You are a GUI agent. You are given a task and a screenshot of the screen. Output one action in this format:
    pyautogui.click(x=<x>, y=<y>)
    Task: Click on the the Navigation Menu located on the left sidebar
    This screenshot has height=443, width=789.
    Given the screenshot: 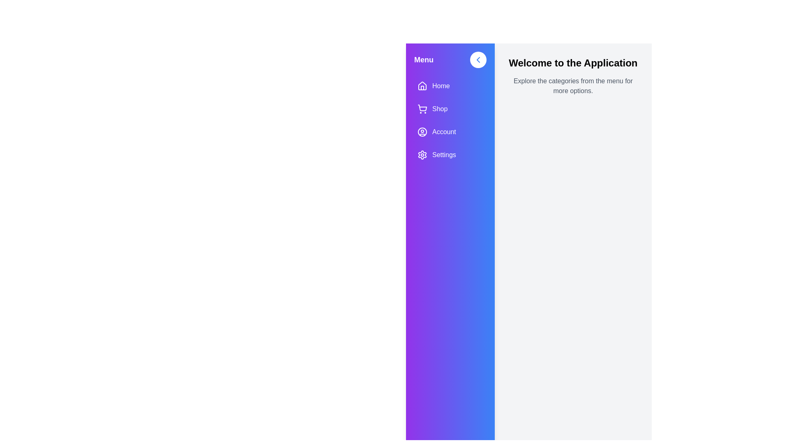 What is the action you would take?
    pyautogui.click(x=450, y=120)
    